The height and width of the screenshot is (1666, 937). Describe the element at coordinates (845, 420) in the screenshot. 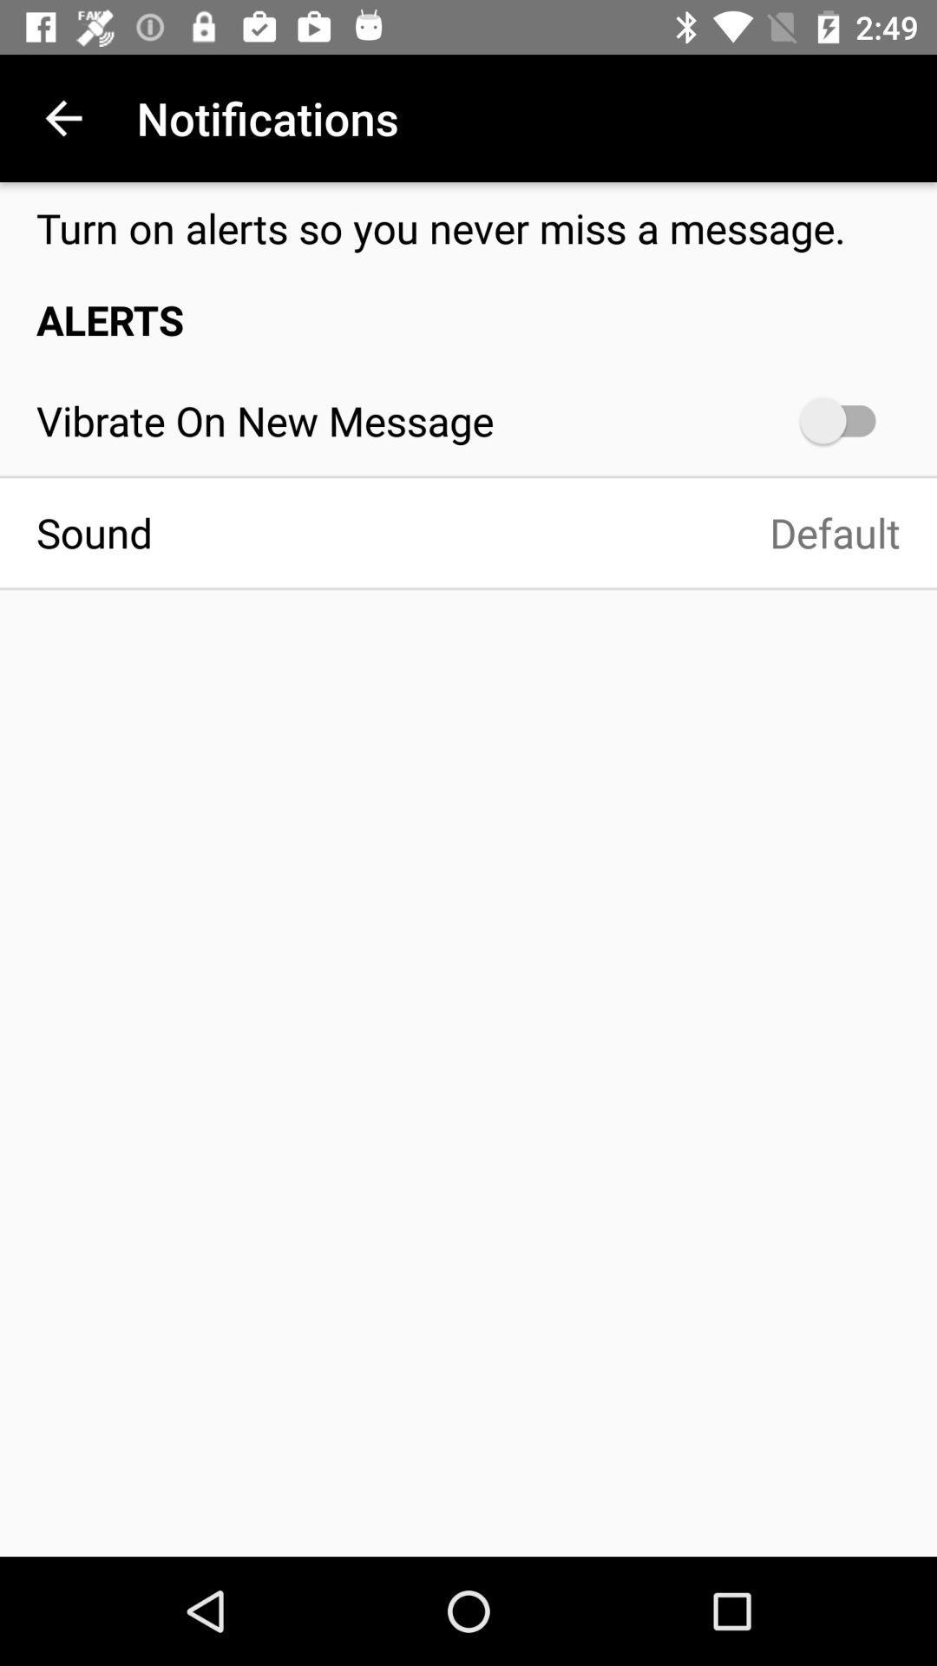

I see `the icon to the right of vibrate on new item` at that location.